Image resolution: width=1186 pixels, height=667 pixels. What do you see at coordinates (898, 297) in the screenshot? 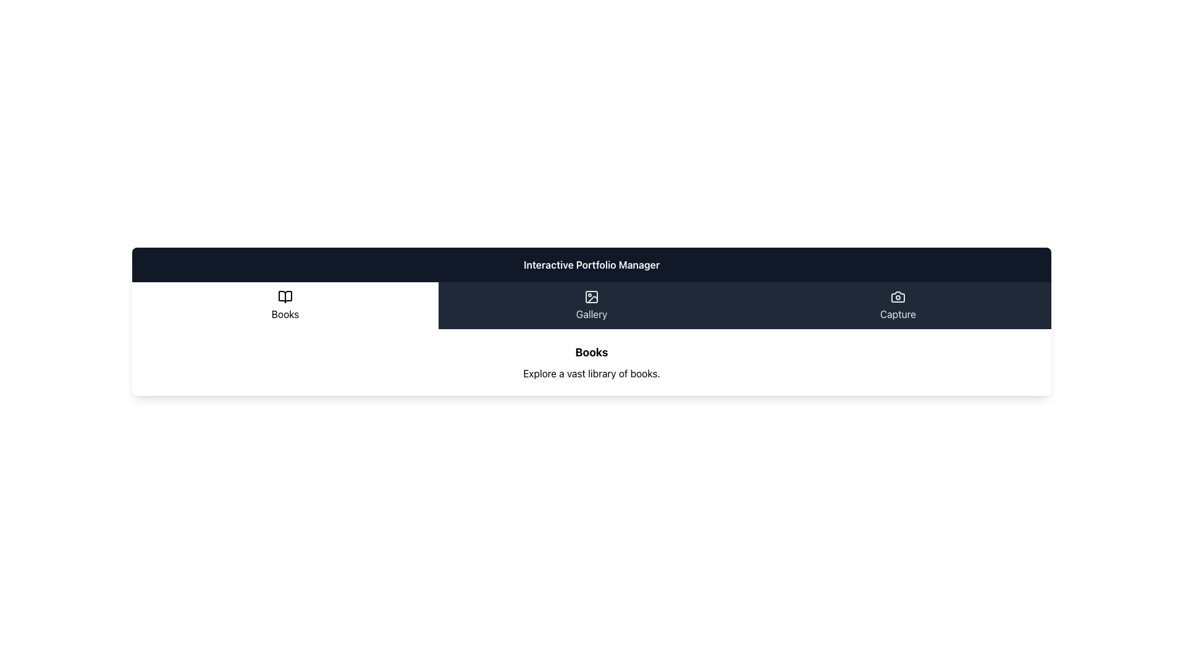
I see `the camera-related SVG Icon located in the top-right section of the layout, above the text 'Capture' and aligned with icons like 'Gallery' and 'Books'` at bounding box center [898, 297].